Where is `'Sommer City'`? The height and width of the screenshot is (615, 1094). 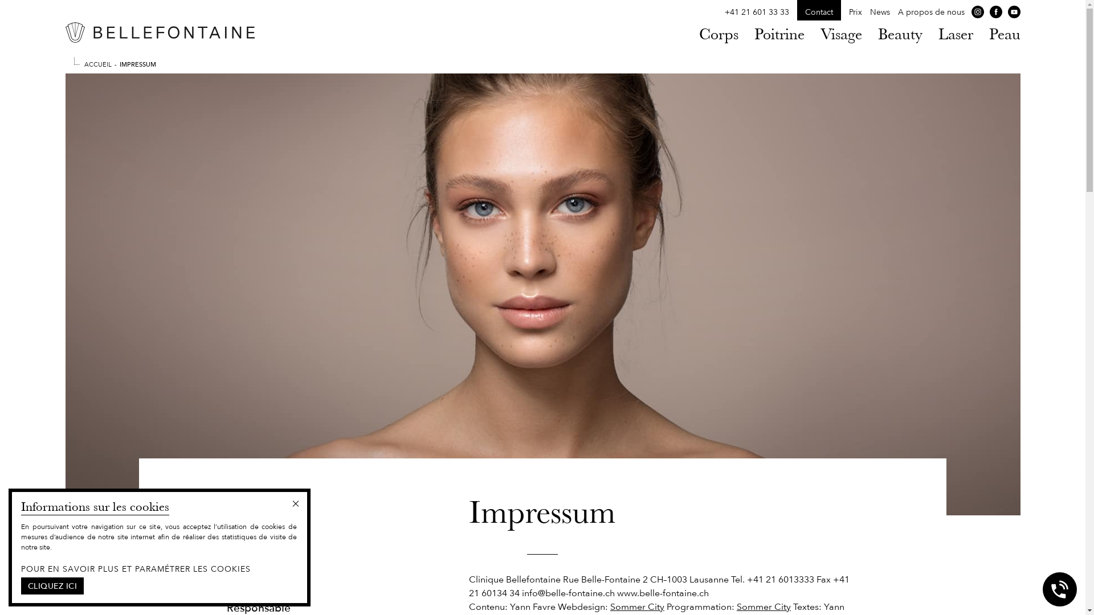 'Sommer City' is located at coordinates (636, 605).